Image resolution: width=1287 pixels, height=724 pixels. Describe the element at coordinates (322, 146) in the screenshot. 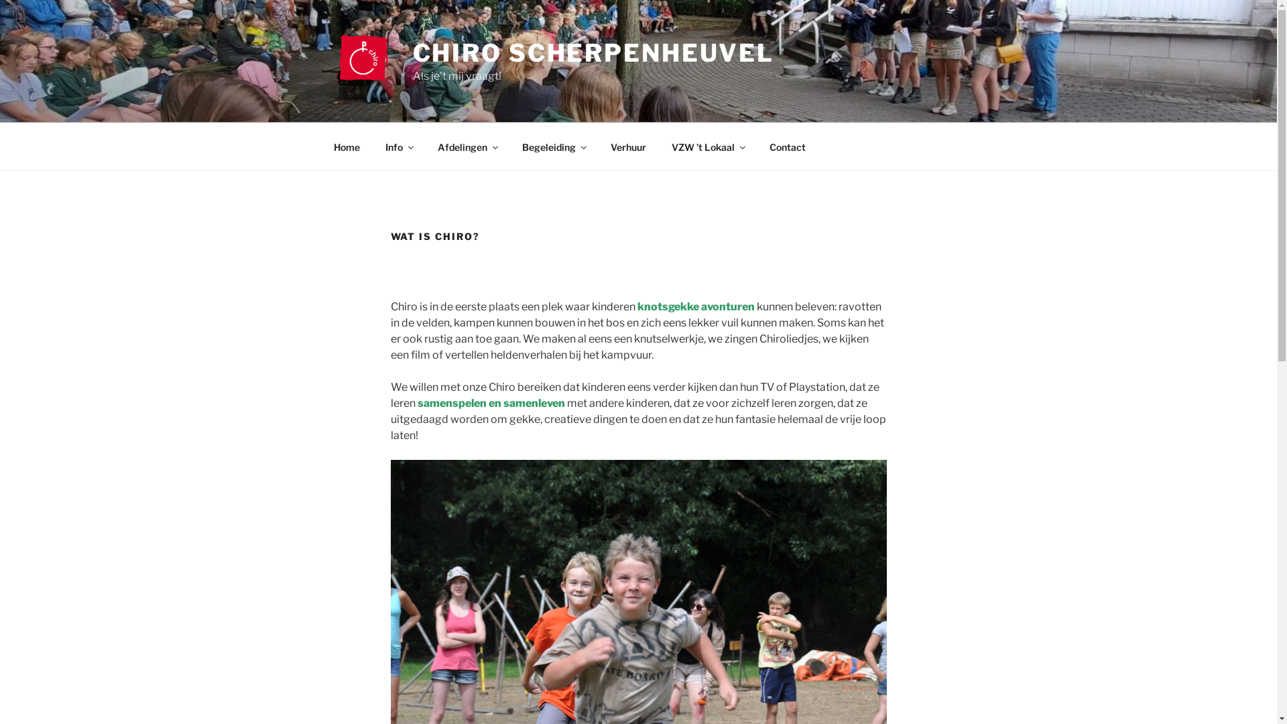

I see `'Home'` at that location.